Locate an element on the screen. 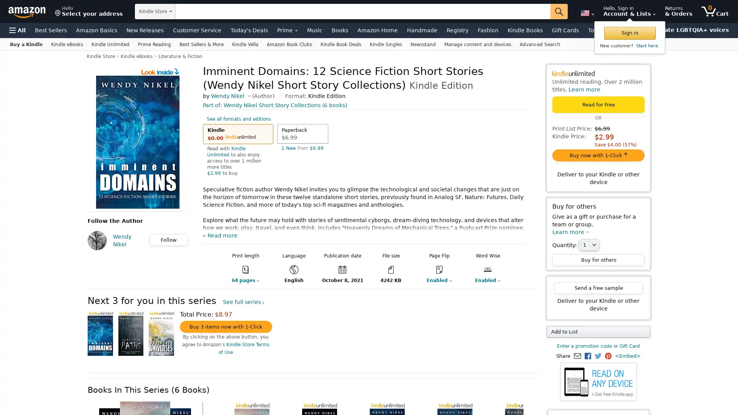  Buy now with 1-Click is located at coordinates (598, 155).